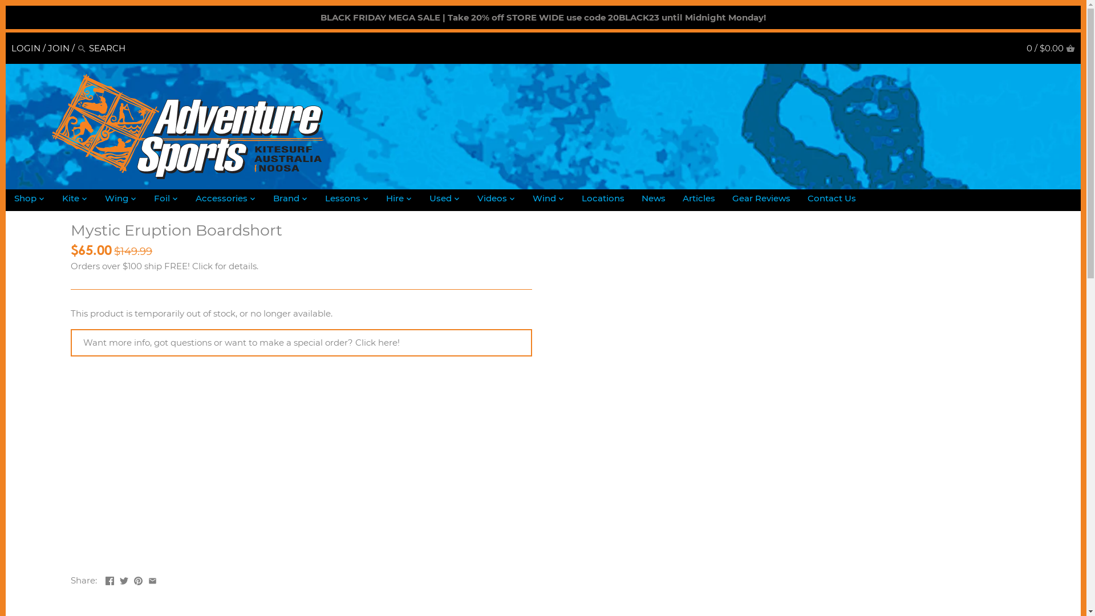  I want to click on 'Wind', so click(544, 200).